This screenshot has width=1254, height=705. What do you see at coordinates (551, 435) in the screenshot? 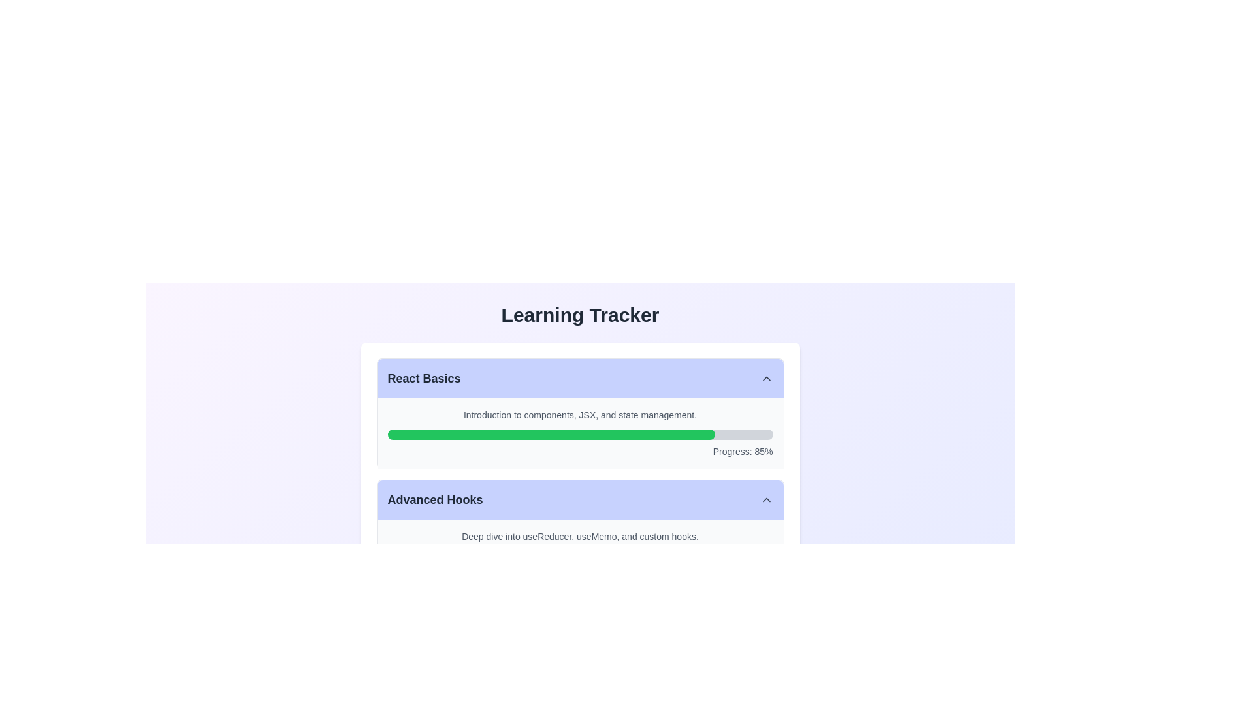
I see `the progress bar located beneath the heading 'React Basics' in the 'Learning Tracker' interface to visually indicate the progress of the task or course module` at bounding box center [551, 435].